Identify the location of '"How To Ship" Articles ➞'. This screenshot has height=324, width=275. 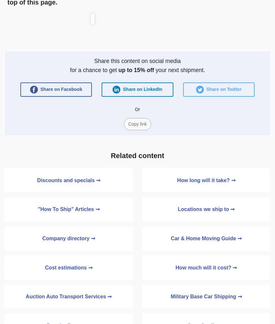
(68, 209).